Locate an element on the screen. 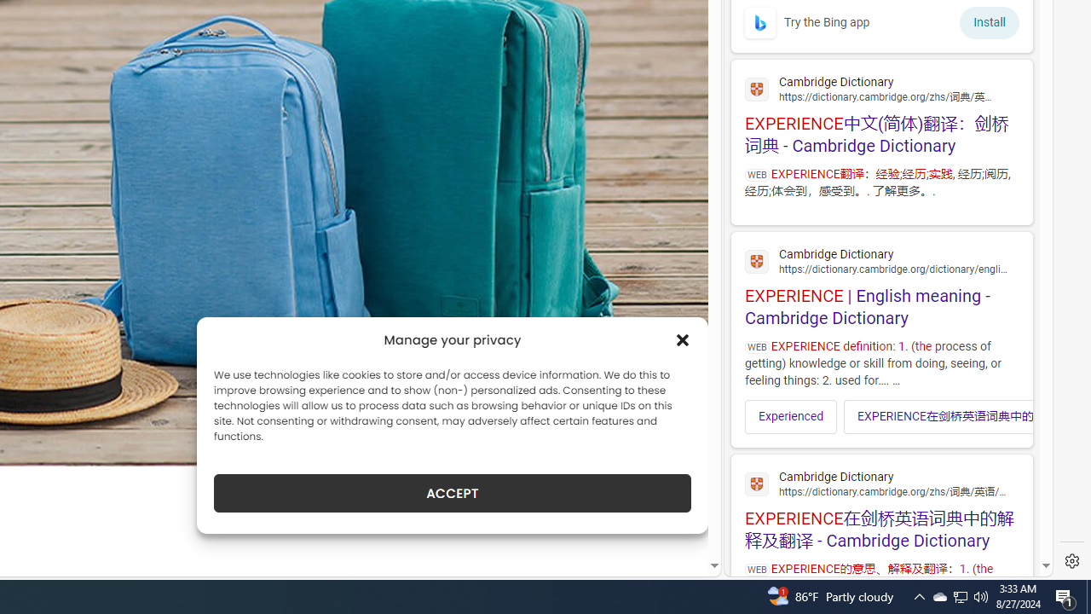 The image size is (1091, 614). 'Global web icon' is located at coordinates (756, 484).